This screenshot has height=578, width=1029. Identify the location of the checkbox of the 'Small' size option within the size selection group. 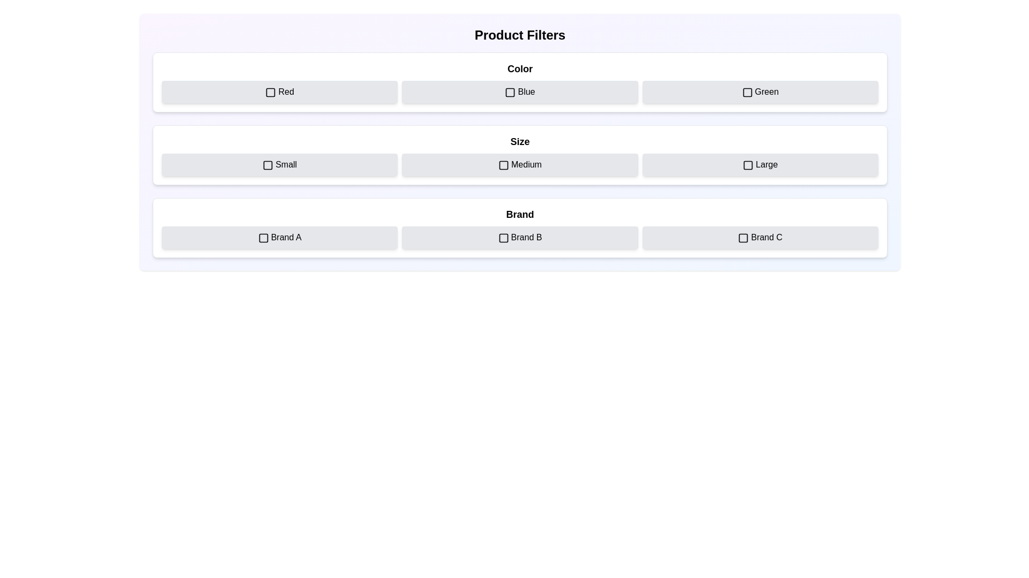
(280, 165).